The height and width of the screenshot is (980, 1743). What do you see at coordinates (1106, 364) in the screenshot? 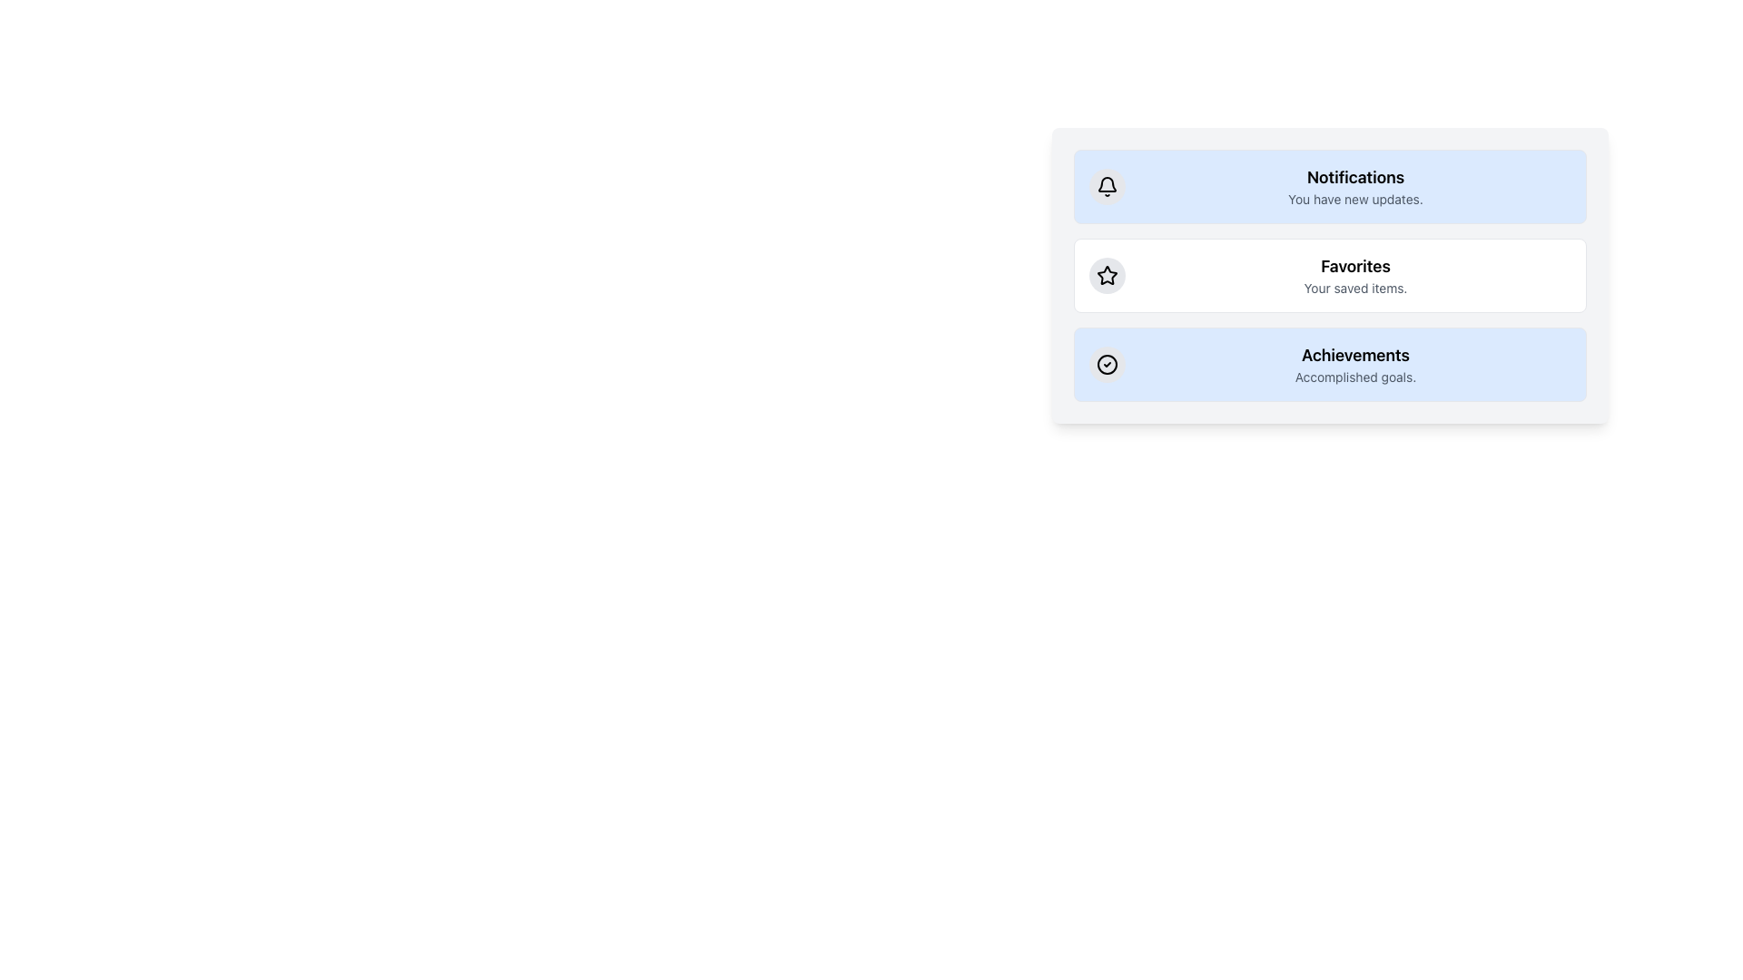
I see `the circular icon with a gray background and a black outline depicting a checkmark, located in the Achievements section to the far left of the section's title and description for visual feedback` at bounding box center [1106, 364].